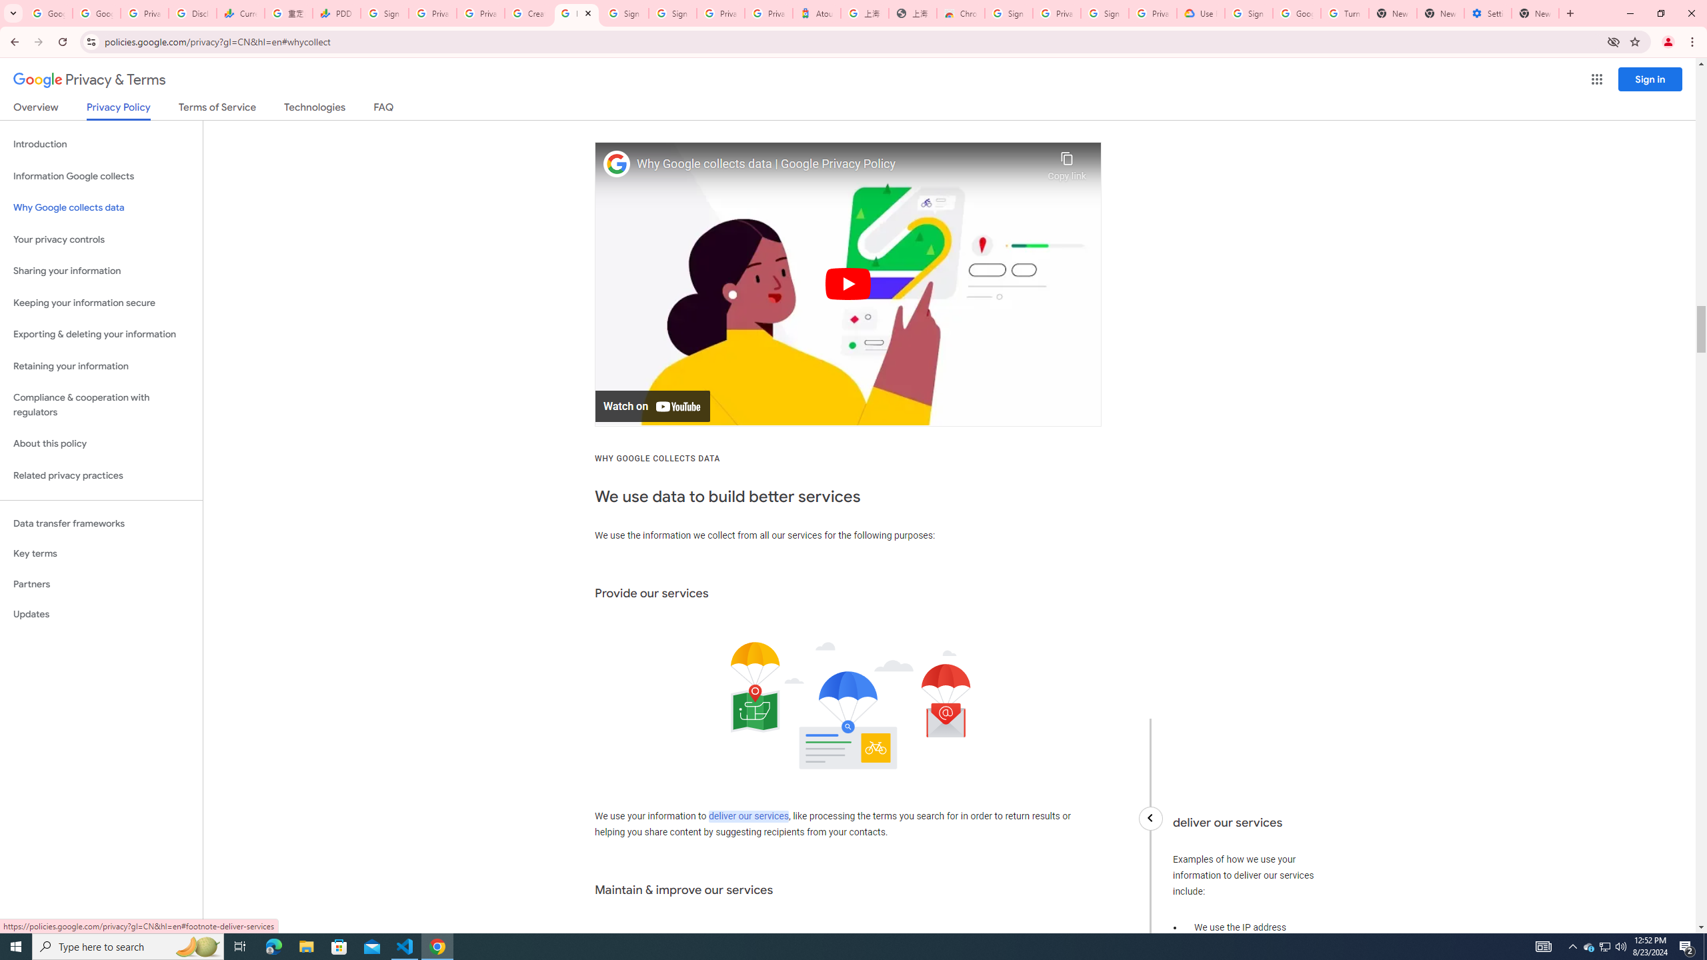  Describe the element at coordinates (672, 13) in the screenshot. I see `'Sign in - Google Accounts'` at that location.